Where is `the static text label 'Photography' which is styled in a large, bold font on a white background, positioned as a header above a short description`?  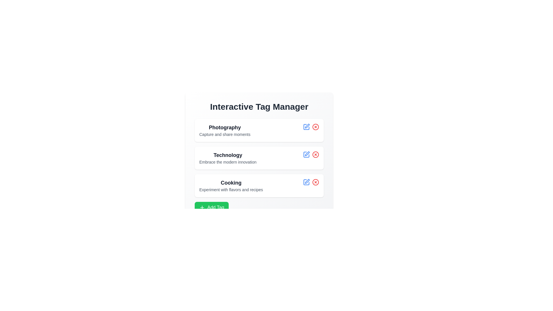 the static text label 'Photography' which is styled in a large, bold font on a white background, positioned as a header above a short description is located at coordinates (224, 127).